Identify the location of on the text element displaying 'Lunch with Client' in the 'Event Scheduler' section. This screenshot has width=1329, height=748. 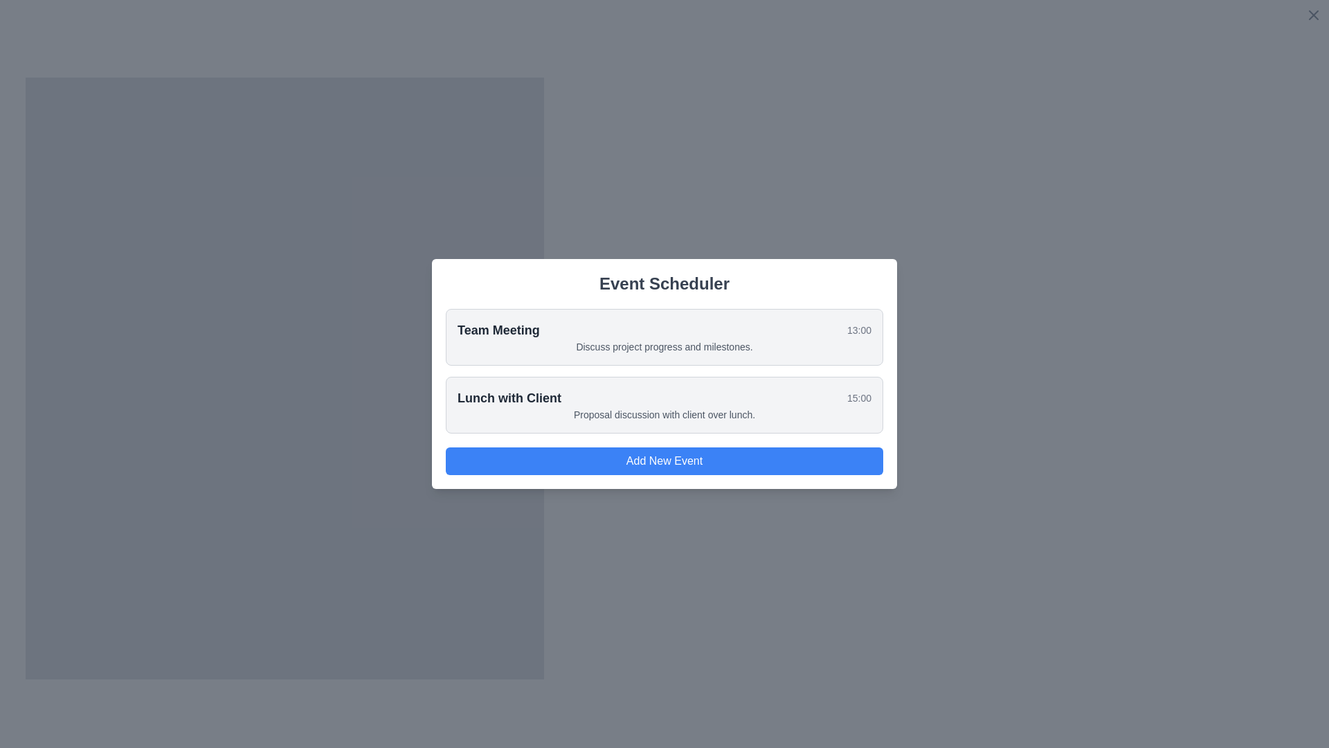
(508, 398).